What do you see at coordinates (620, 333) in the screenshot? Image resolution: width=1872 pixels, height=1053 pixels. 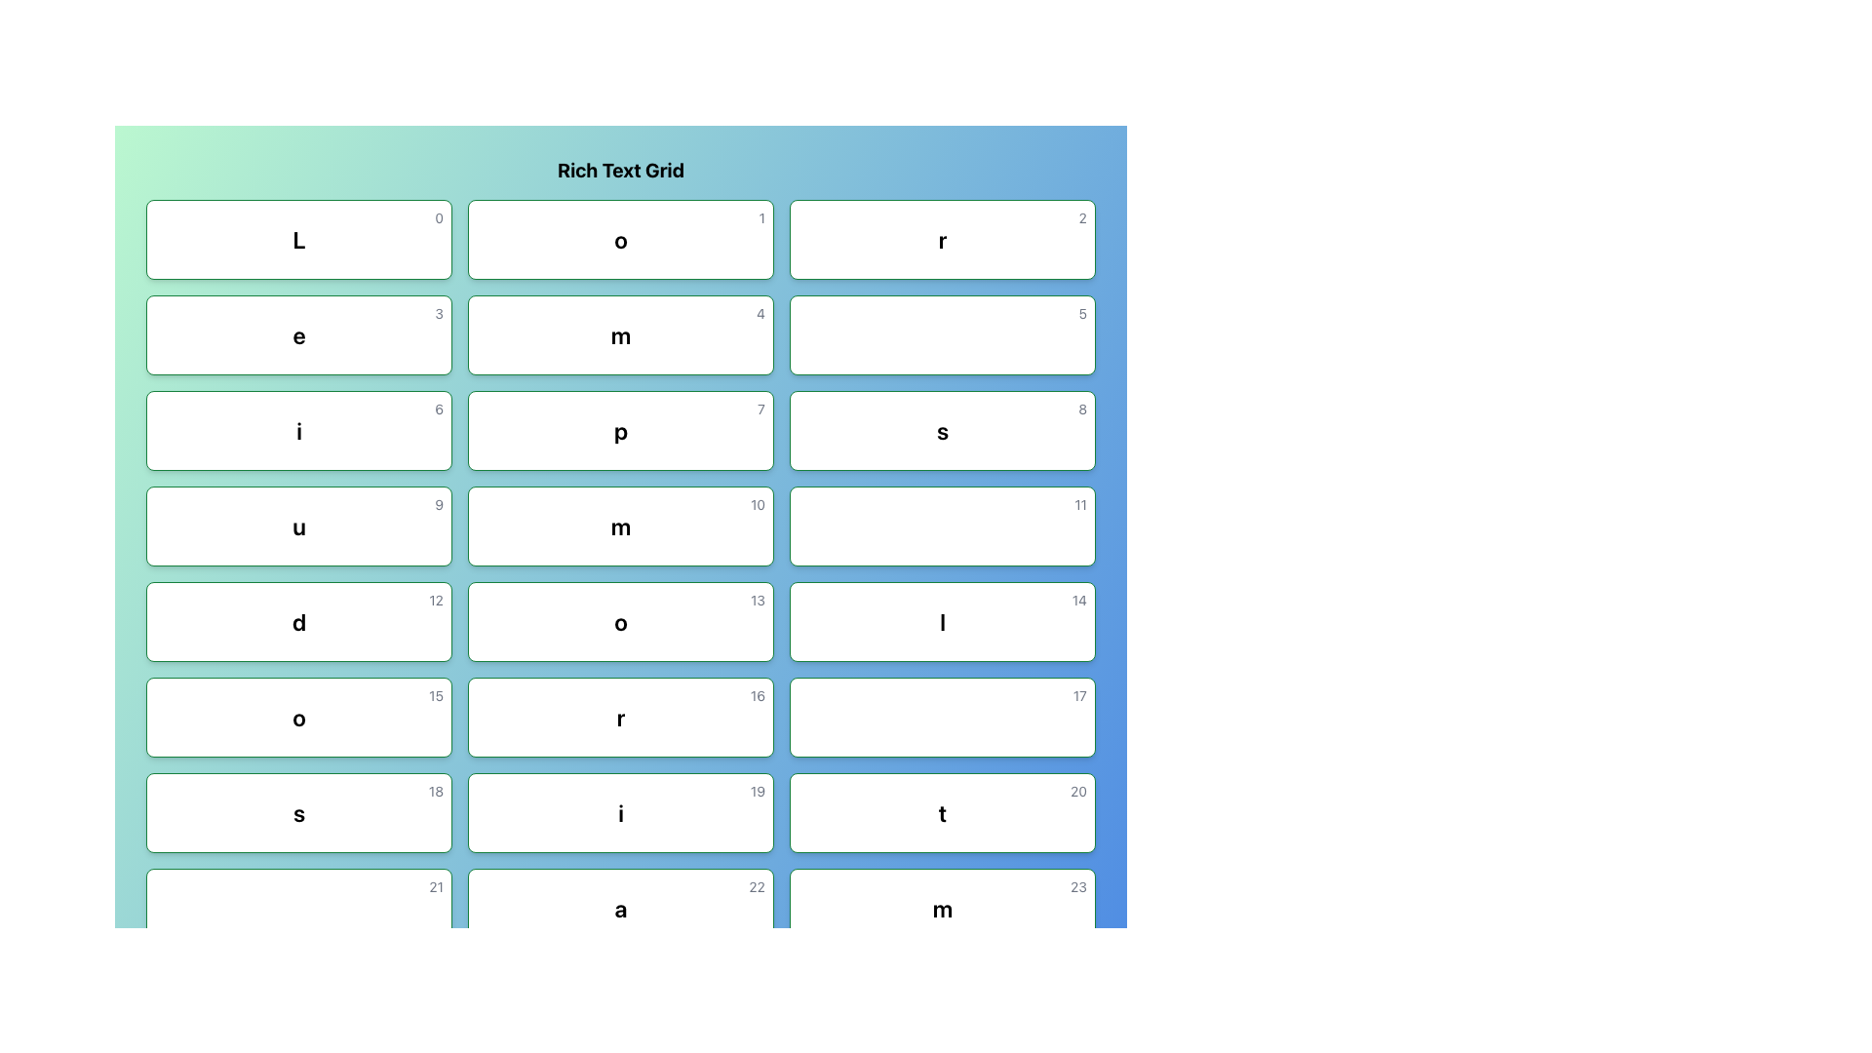 I see `the static text component displaying the letter 'm', located in the fourth cell of the grid layout, positioned between the letters 'e' and 'p'` at bounding box center [620, 333].